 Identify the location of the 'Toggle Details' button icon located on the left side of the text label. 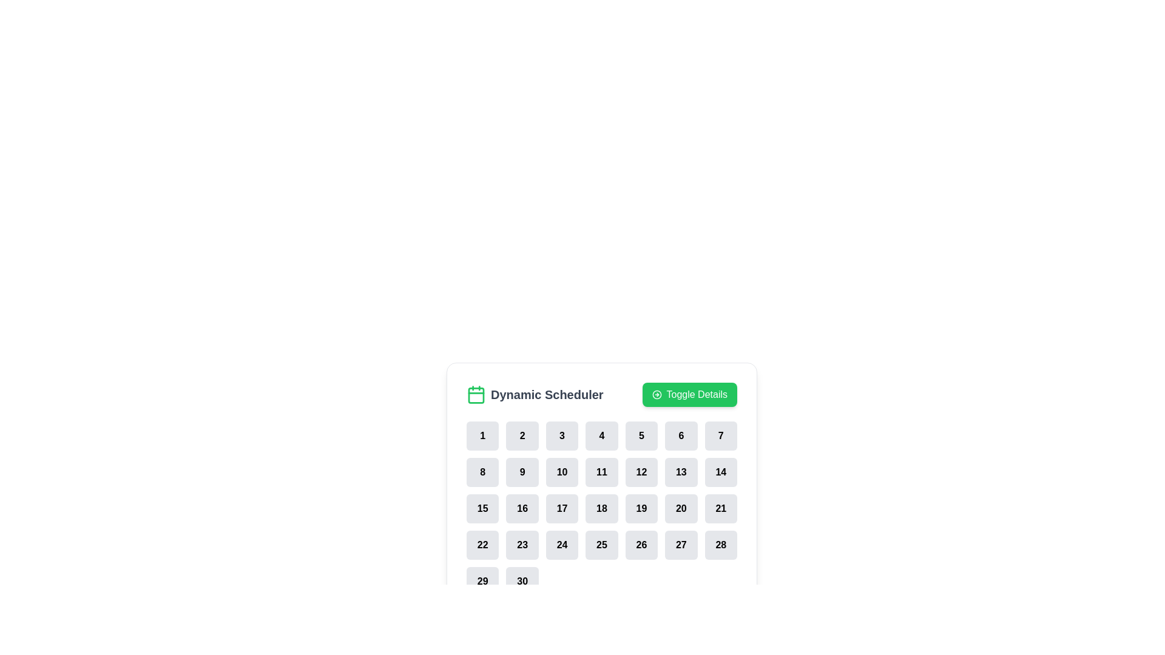
(656, 395).